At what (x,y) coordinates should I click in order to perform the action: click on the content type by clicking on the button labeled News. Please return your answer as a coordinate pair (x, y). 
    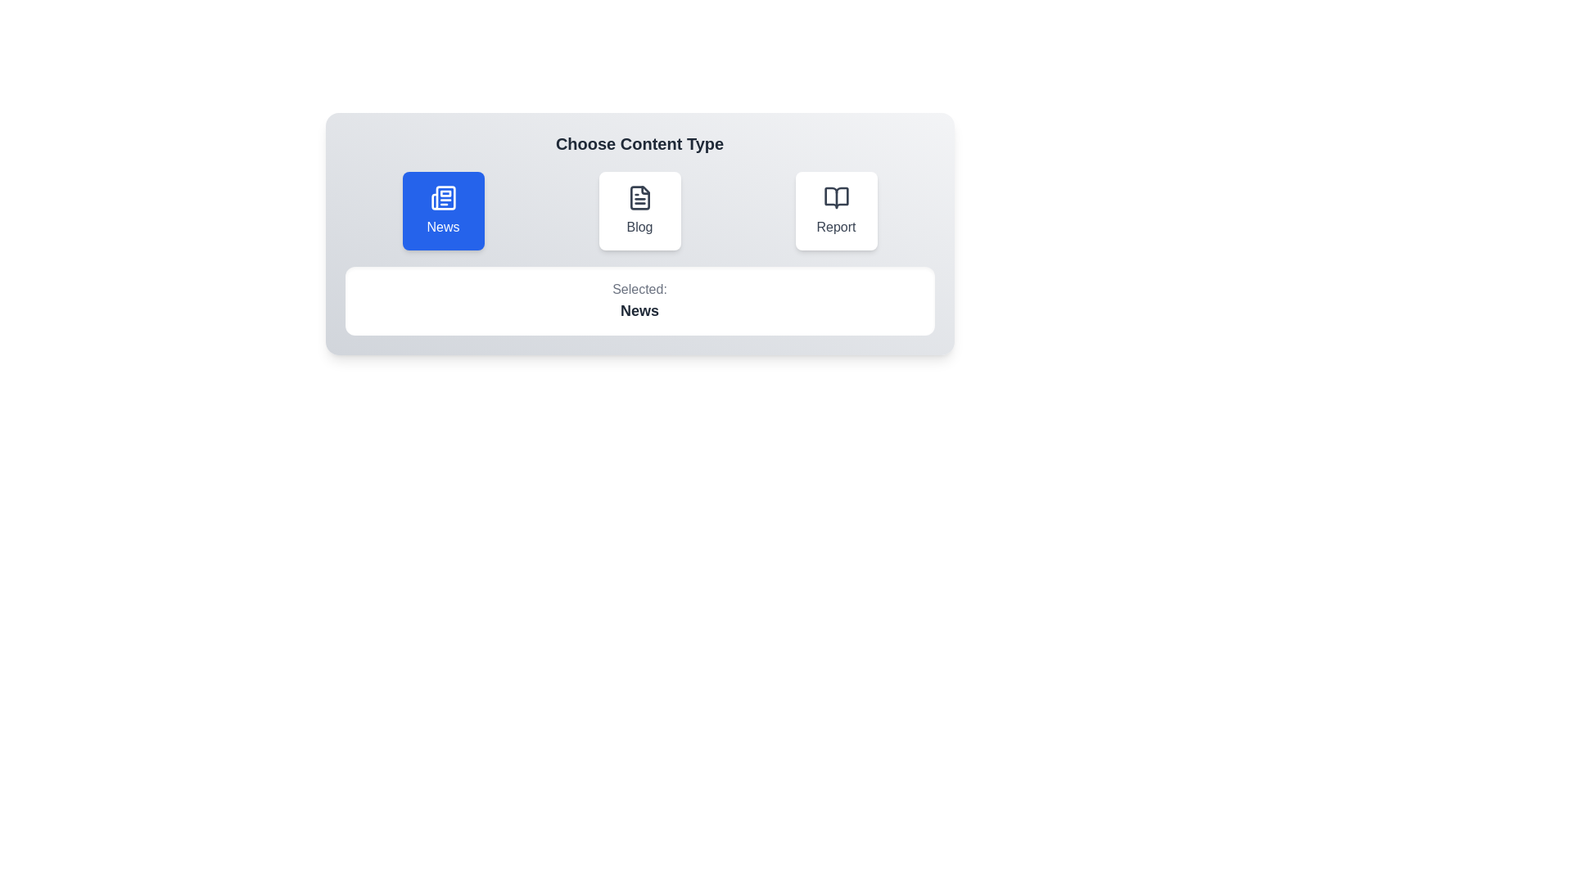
    Looking at the image, I should click on (443, 210).